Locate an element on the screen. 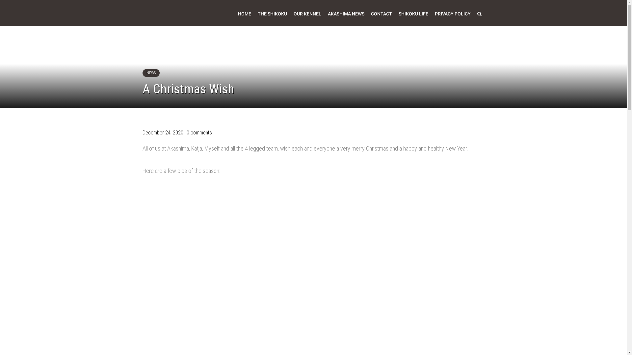  'Skip to content' is located at coordinates (0, 0).